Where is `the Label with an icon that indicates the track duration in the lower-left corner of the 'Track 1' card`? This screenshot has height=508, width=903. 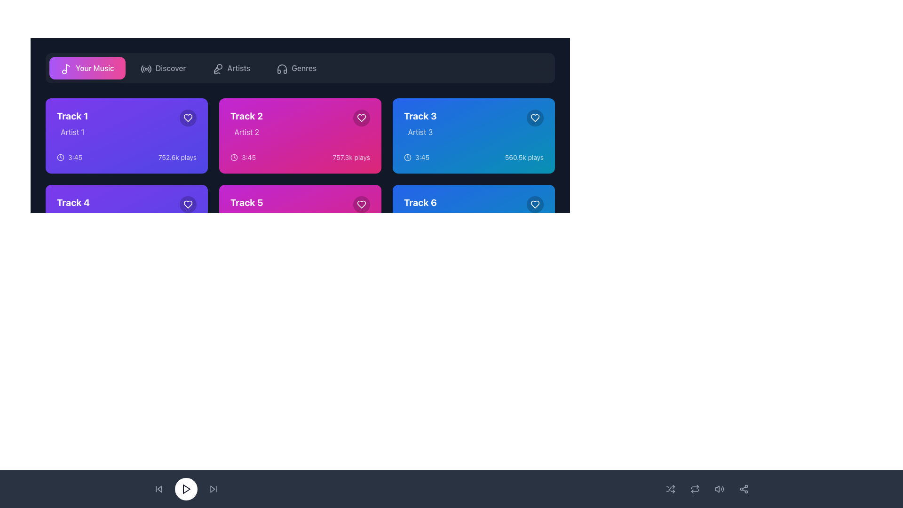 the Label with an icon that indicates the track duration in the lower-left corner of the 'Track 1' card is located at coordinates (69, 157).